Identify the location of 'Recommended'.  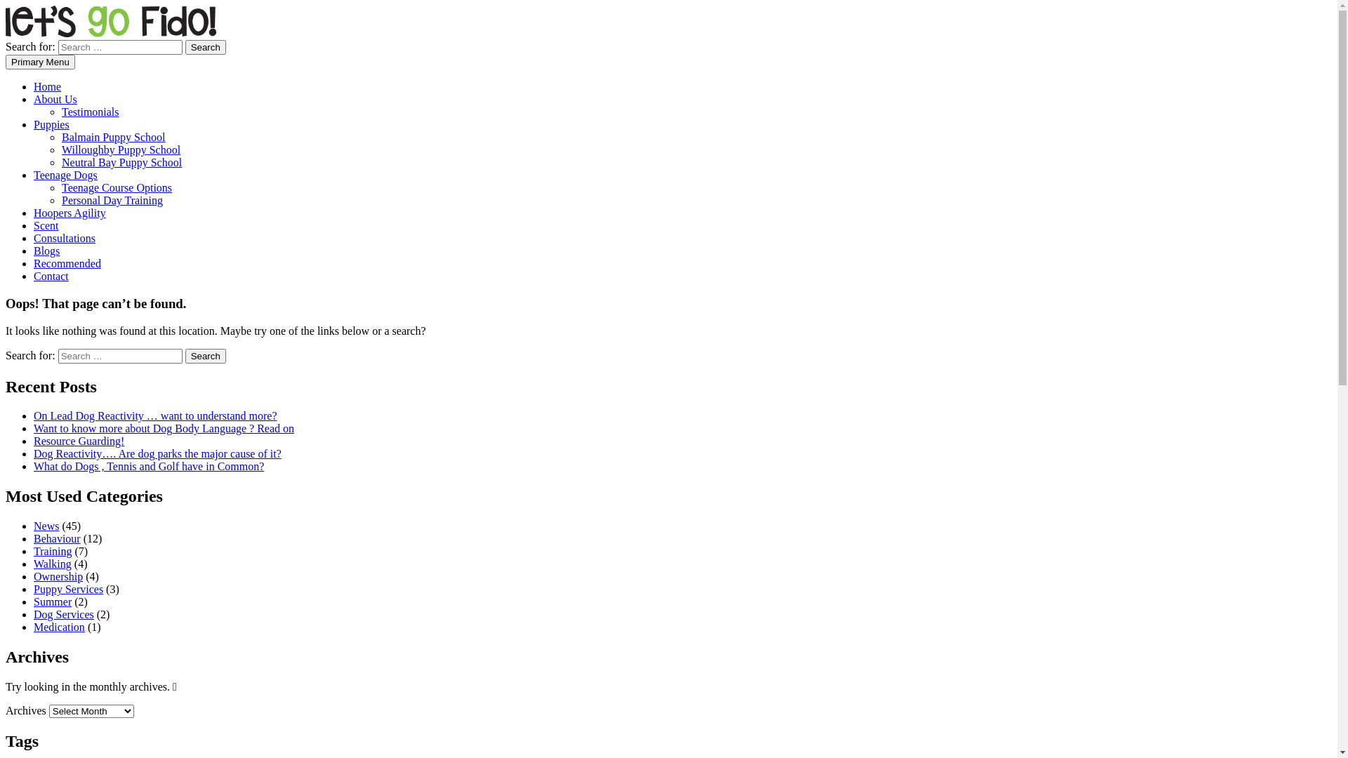
(67, 263).